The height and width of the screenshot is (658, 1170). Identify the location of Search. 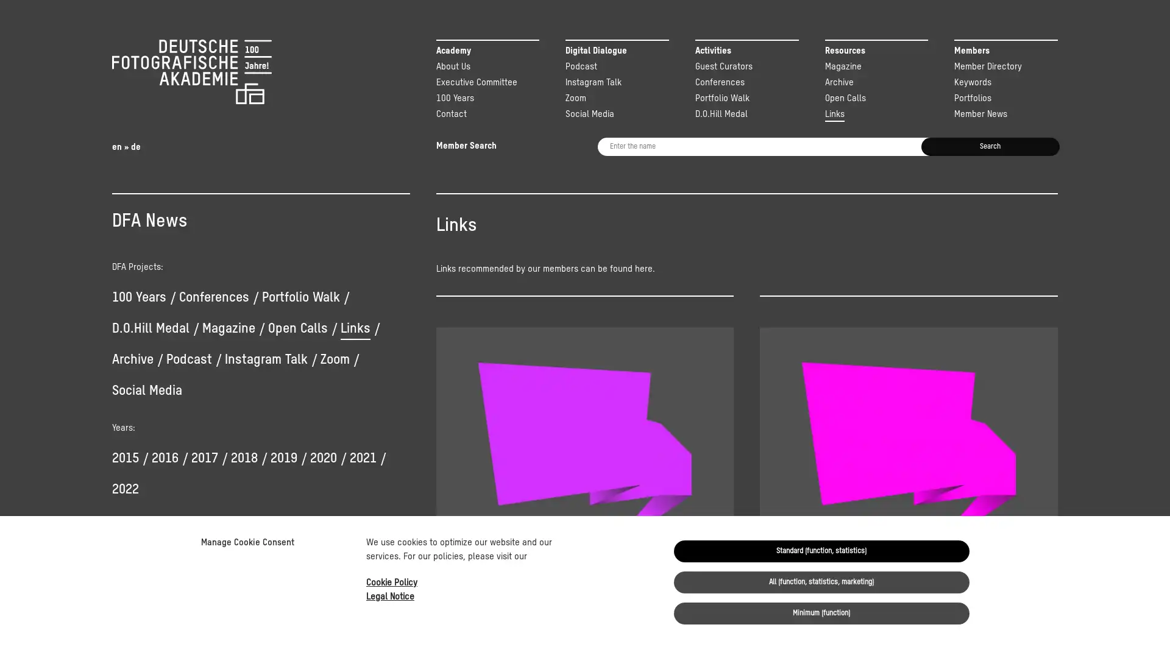
(990, 146).